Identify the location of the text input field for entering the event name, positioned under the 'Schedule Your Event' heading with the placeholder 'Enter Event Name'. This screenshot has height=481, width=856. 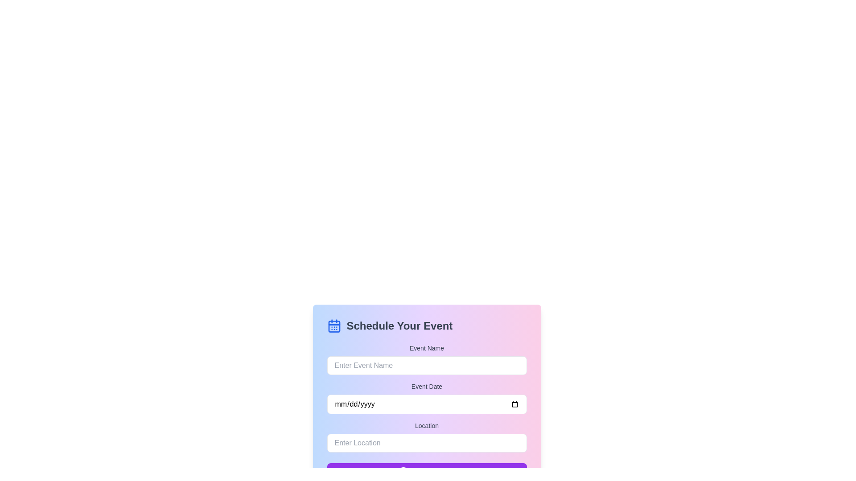
(426, 366).